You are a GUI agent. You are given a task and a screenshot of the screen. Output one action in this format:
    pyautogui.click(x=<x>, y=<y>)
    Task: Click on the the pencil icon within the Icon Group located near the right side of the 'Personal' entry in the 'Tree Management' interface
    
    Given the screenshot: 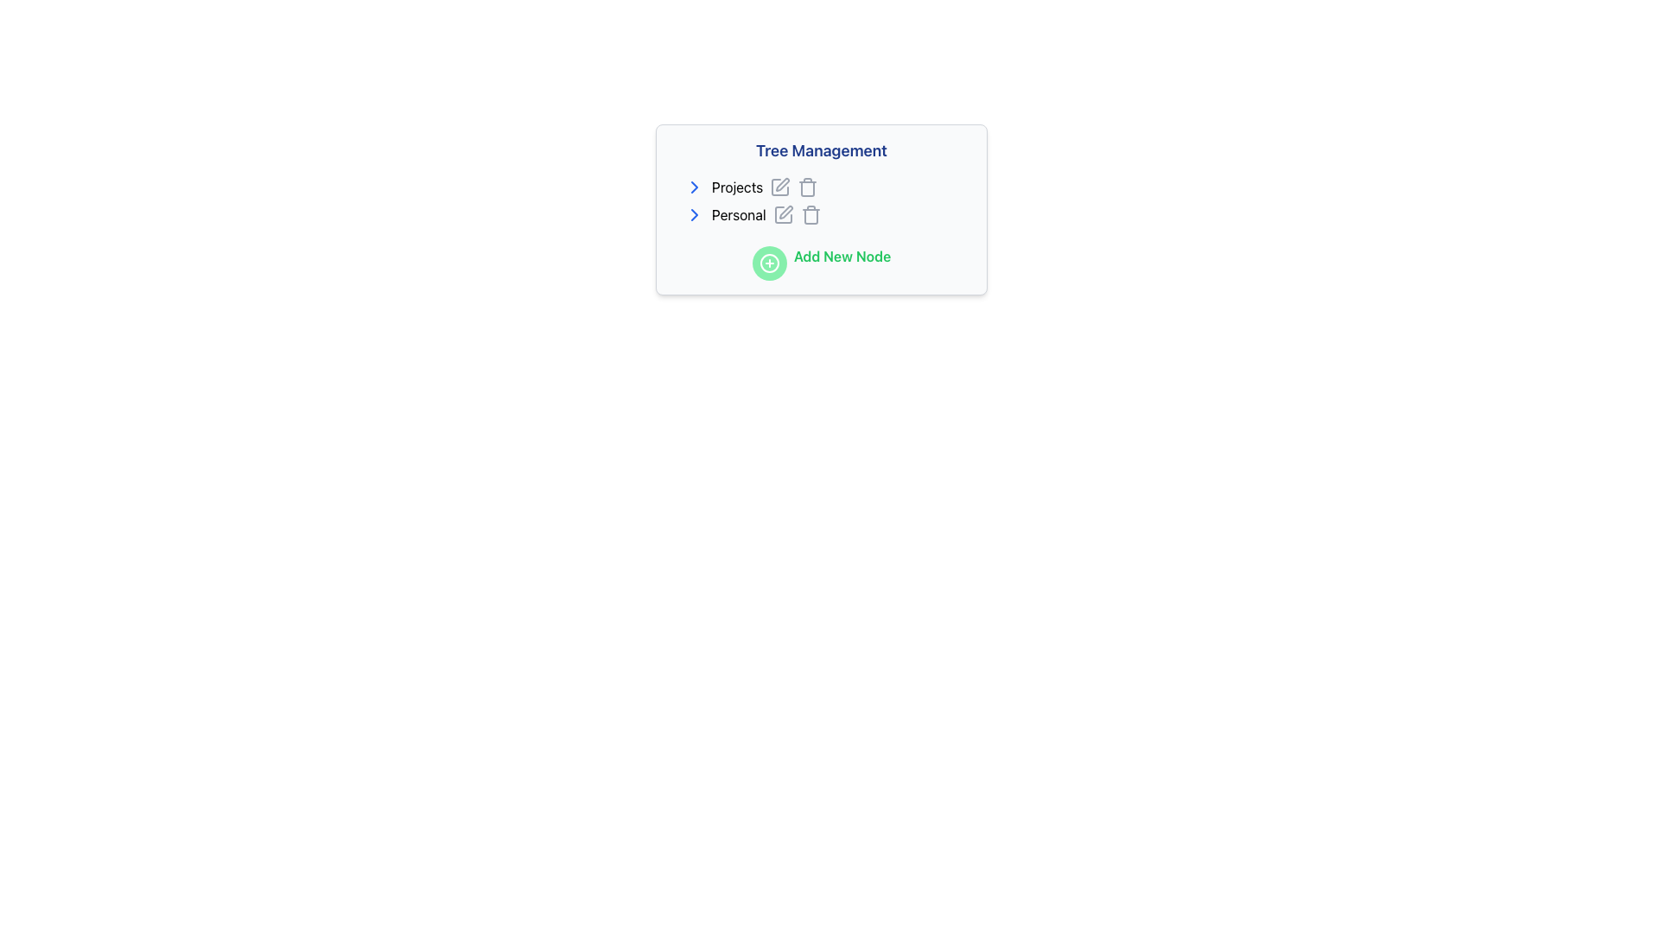 What is the action you would take?
    pyautogui.click(x=795, y=214)
    